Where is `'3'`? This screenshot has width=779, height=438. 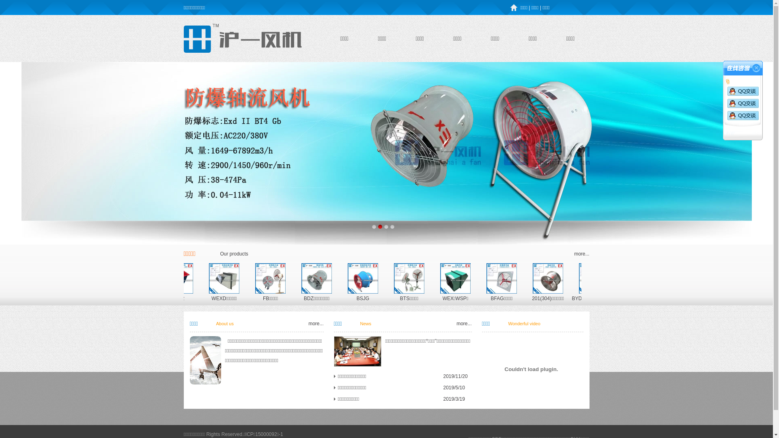 '3' is located at coordinates (385, 226).